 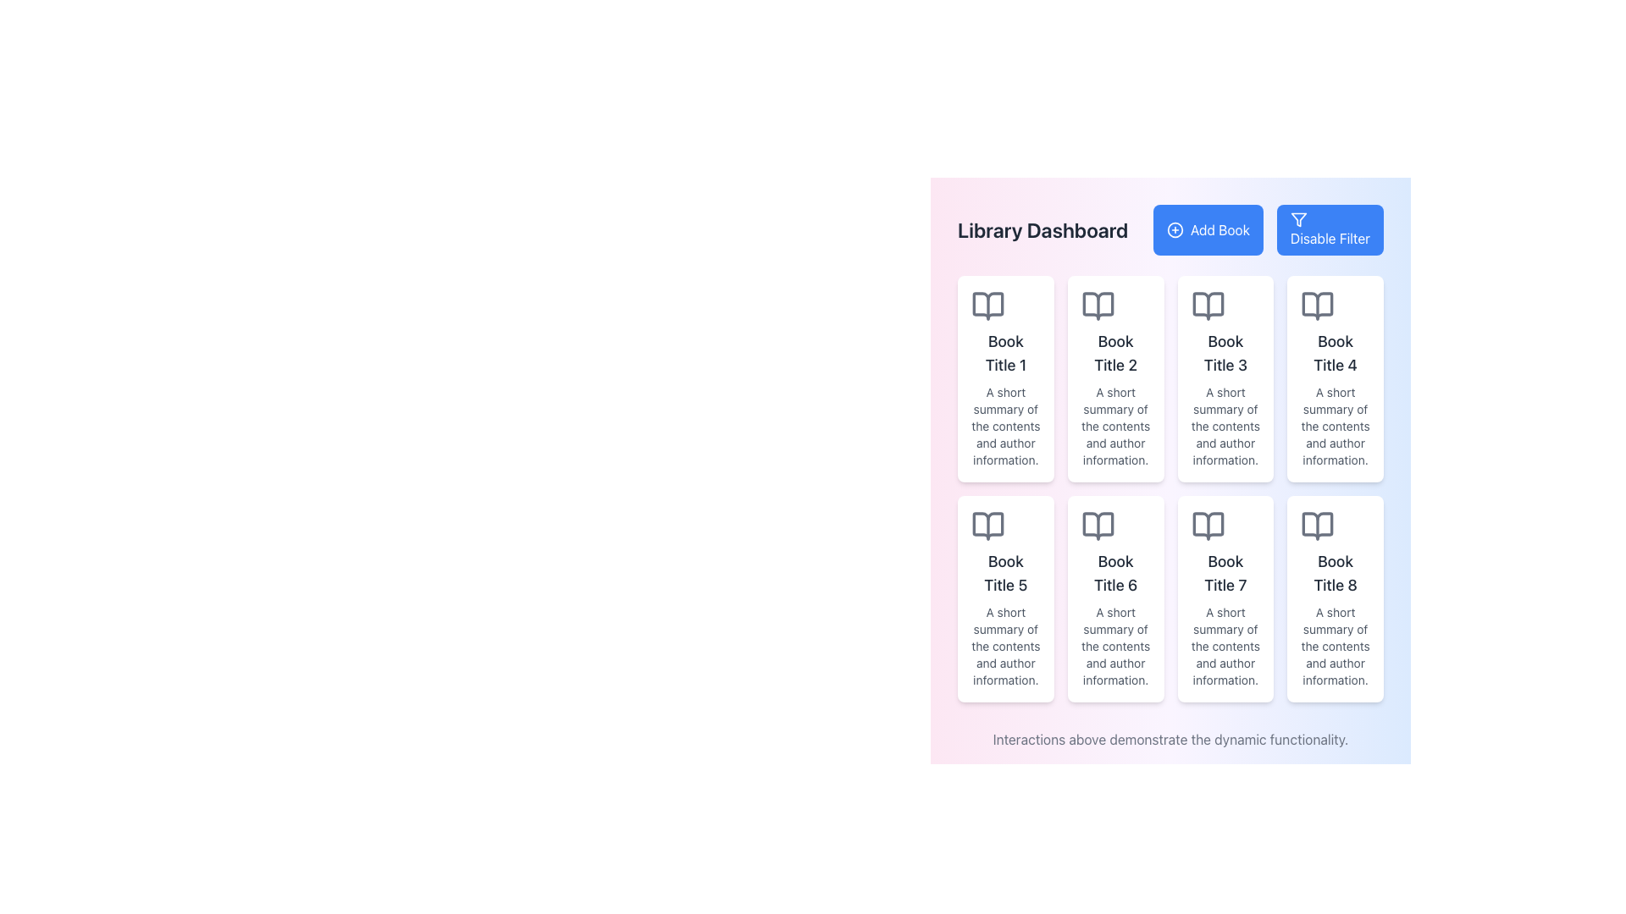 What do you see at coordinates (1170, 739) in the screenshot?
I see `the Text Label located centrally below the book cards, which serves as an informational note about the functionalities above it` at bounding box center [1170, 739].